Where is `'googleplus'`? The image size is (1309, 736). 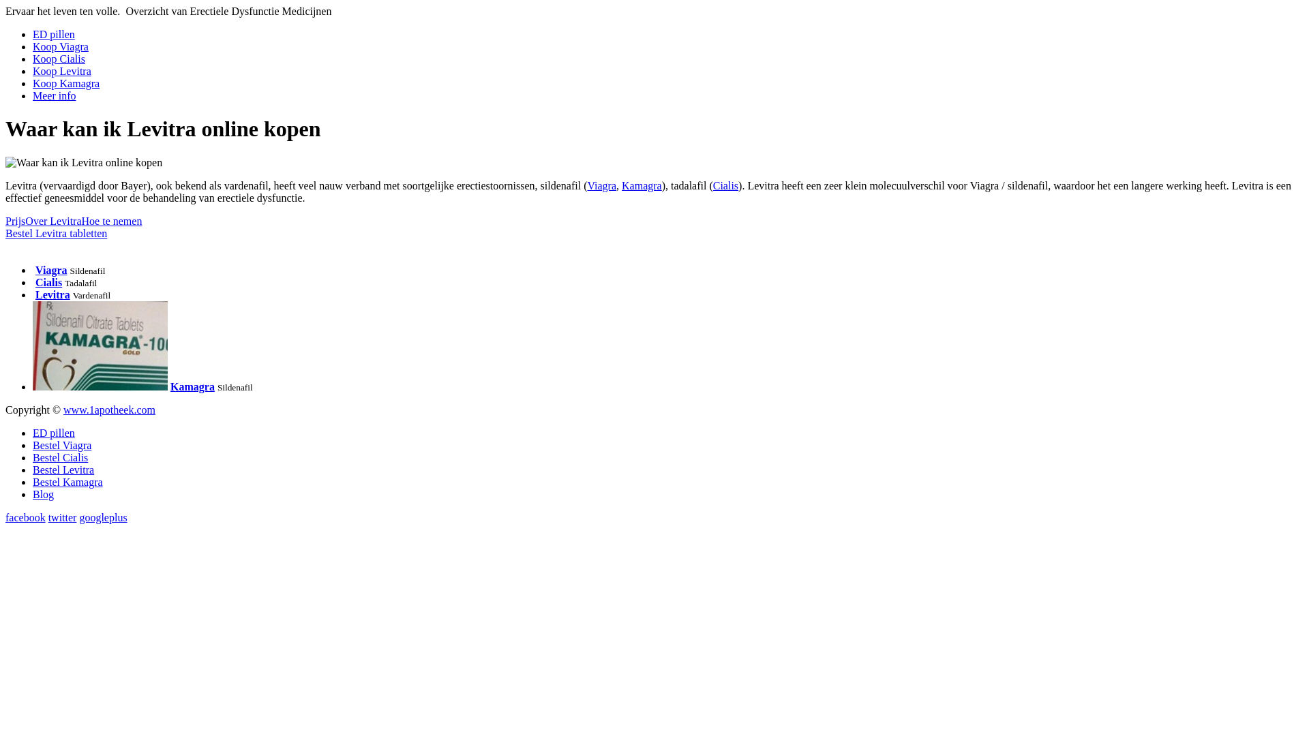 'googleplus' is located at coordinates (102, 517).